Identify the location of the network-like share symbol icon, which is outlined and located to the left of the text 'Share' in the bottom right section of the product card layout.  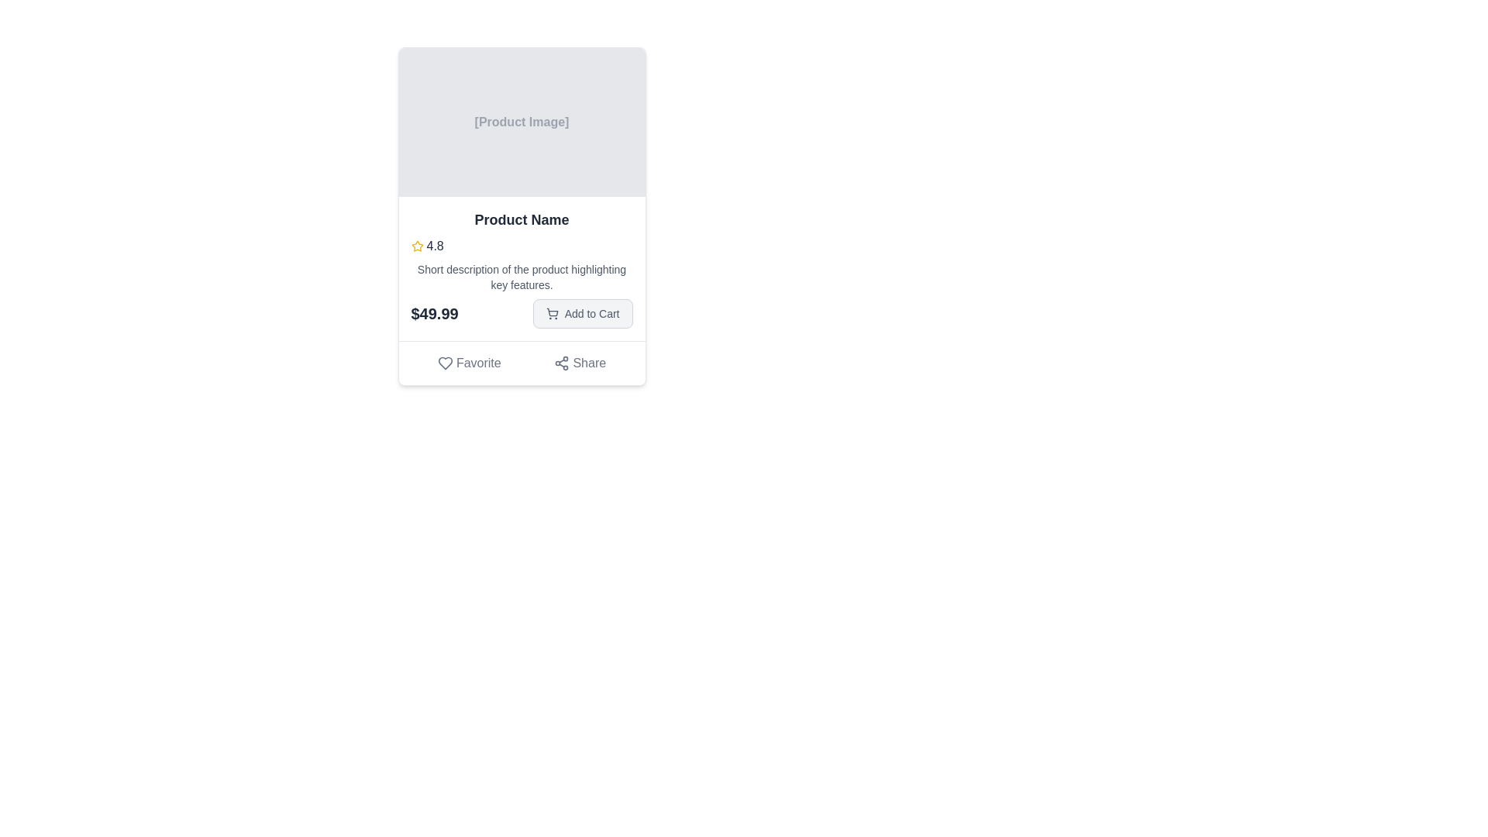
(561, 363).